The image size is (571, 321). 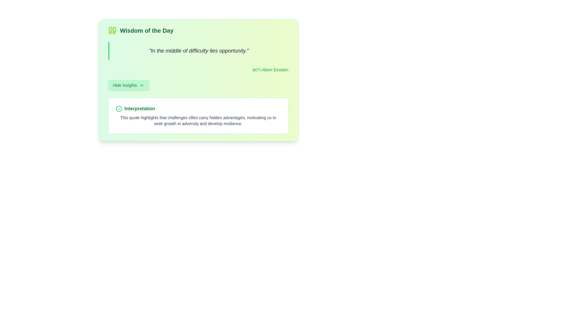 I want to click on motivational text located below the bold green text labeled 'Interpretation', which is contained within a white box with a green outline, so click(x=198, y=120).